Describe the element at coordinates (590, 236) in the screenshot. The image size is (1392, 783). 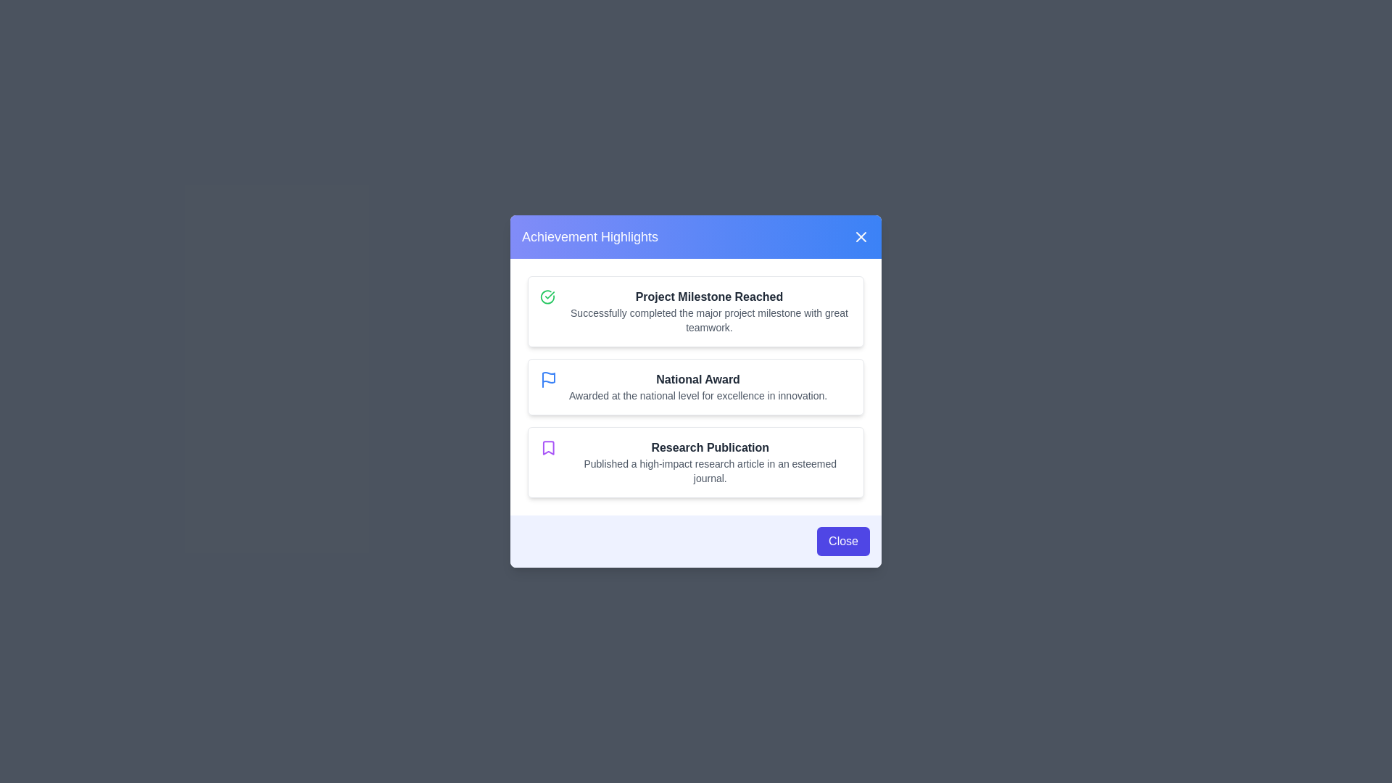
I see `the static text label that serves as a title or header for the modal content, located at the center-left of the horizontal bar at the top of the modal` at that location.